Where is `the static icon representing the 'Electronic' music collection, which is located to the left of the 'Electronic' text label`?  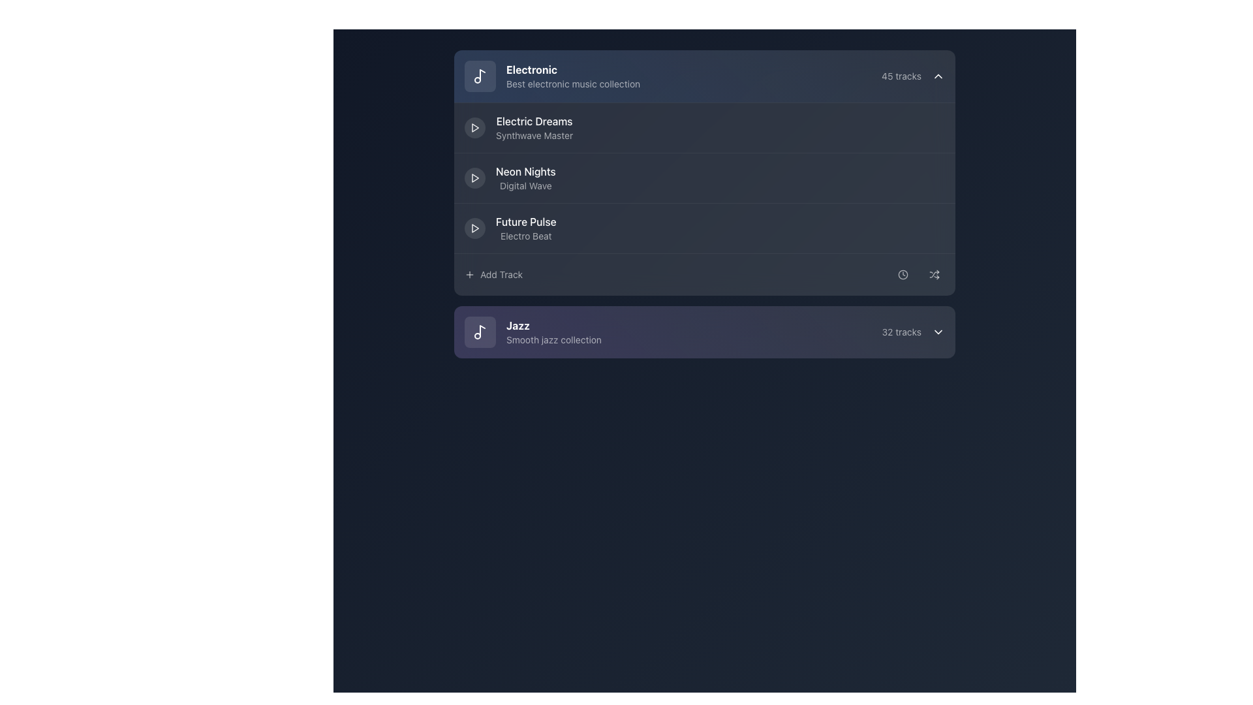 the static icon representing the 'Electronic' music collection, which is located to the left of the 'Electronic' text label is located at coordinates (479, 76).